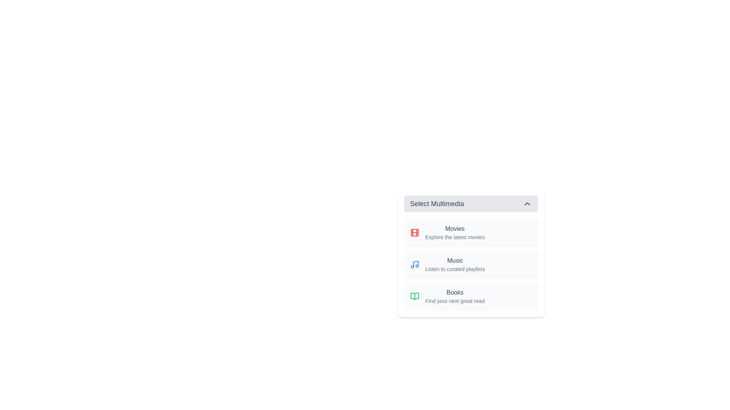  What do you see at coordinates (470, 296) in the screenshot?
I see `the 'Books' category selectable card, which is the third option in the vertical list of multimedia categories, to trigger a visual hover effect` at bounding box center [470, 296].